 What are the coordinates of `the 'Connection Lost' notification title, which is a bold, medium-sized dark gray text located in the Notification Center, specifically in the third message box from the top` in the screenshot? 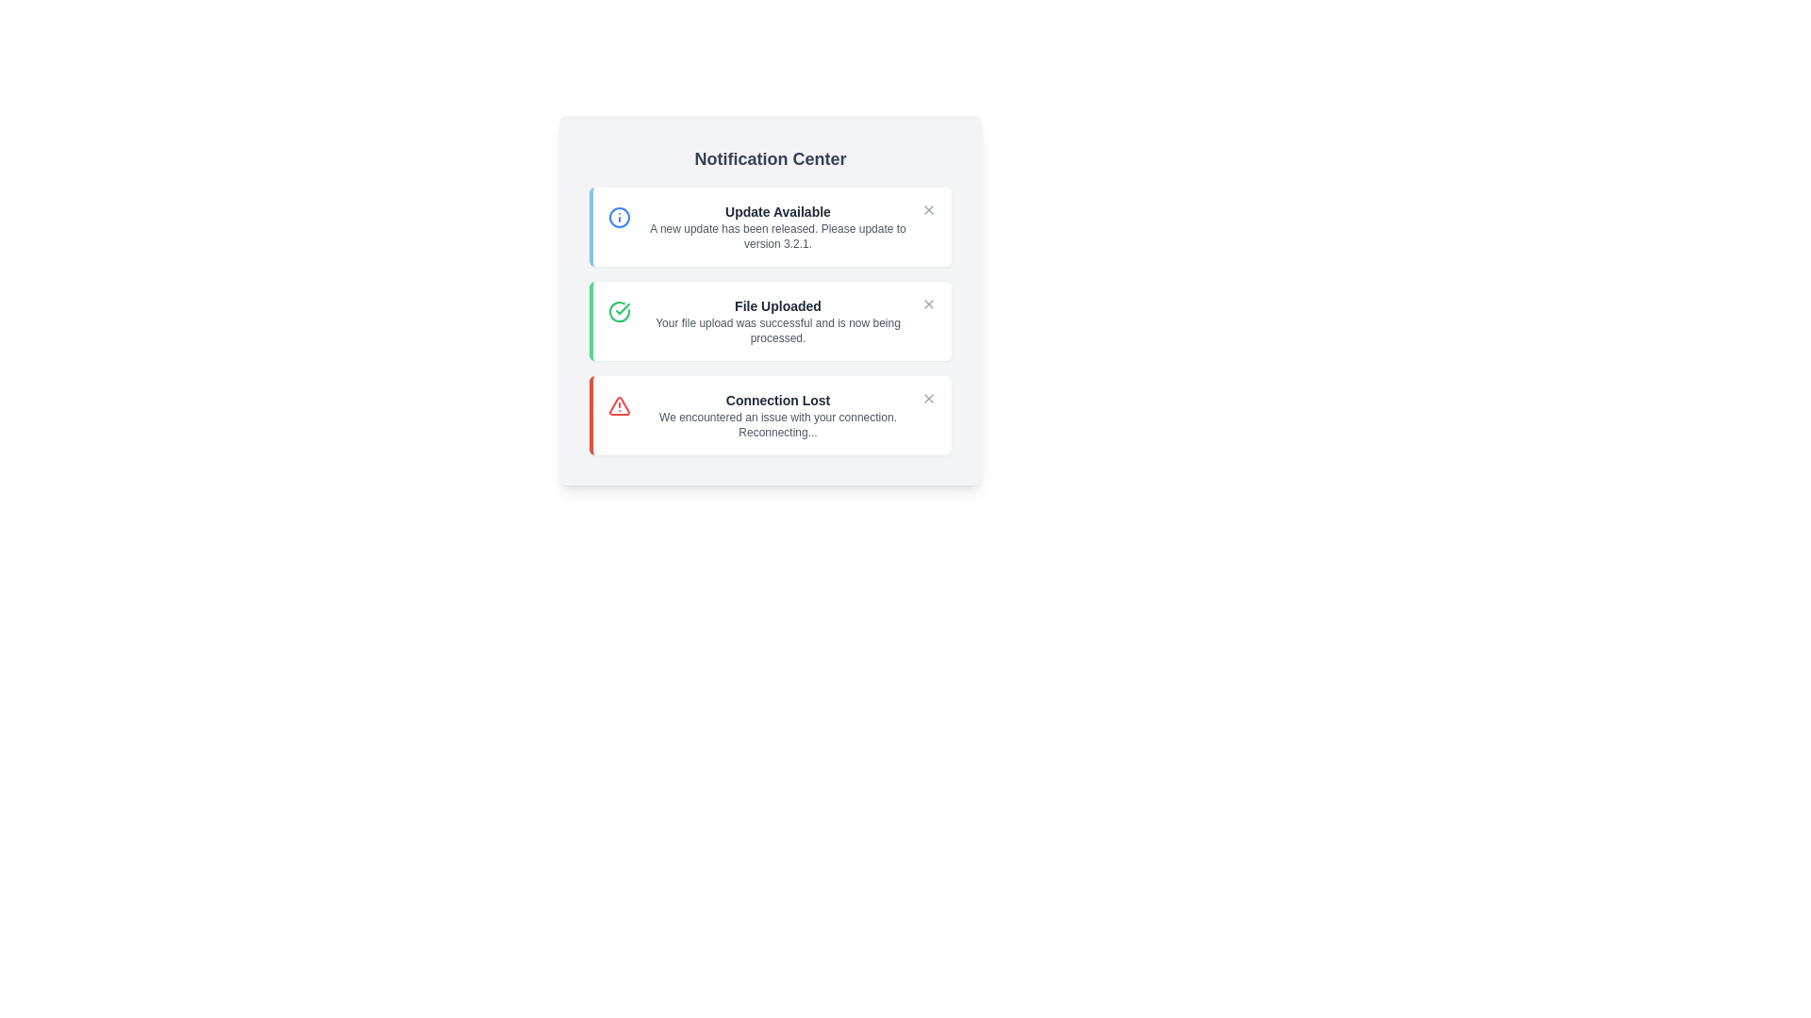 It's located at (778, 399).